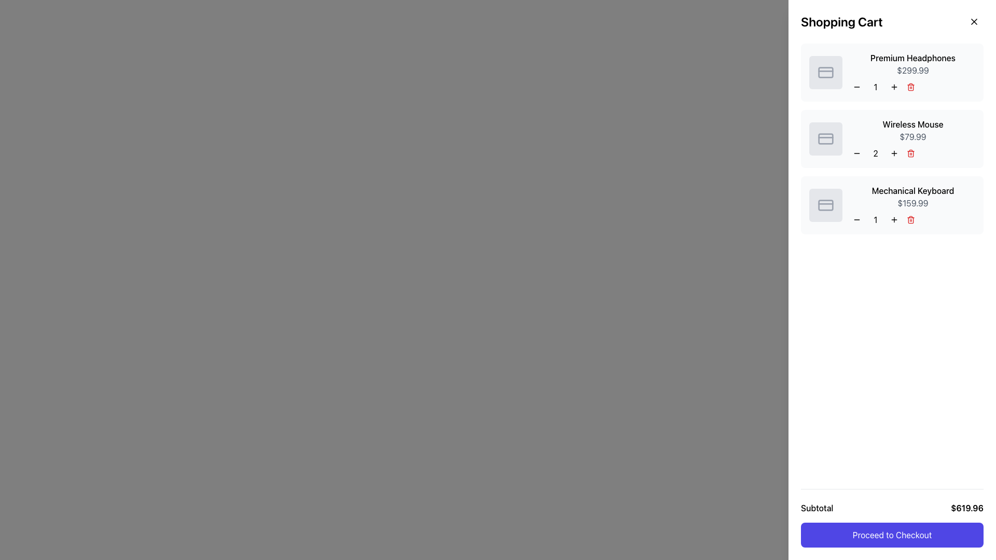  Describe the element at coordinates (910, 153) in the screenshot. I see `the small red trash can icon button for item removal located adjacent to the quantity controls of the 'Wireless Mouse' in the shopping cart` at that location.